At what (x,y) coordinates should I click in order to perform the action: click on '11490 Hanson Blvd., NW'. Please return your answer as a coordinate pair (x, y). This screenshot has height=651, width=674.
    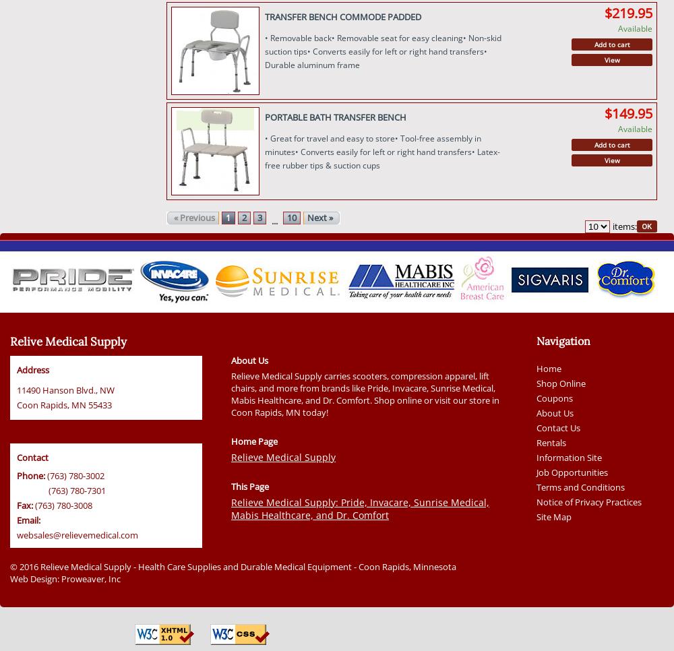
    Looking at the image, I should click on (65, 388).